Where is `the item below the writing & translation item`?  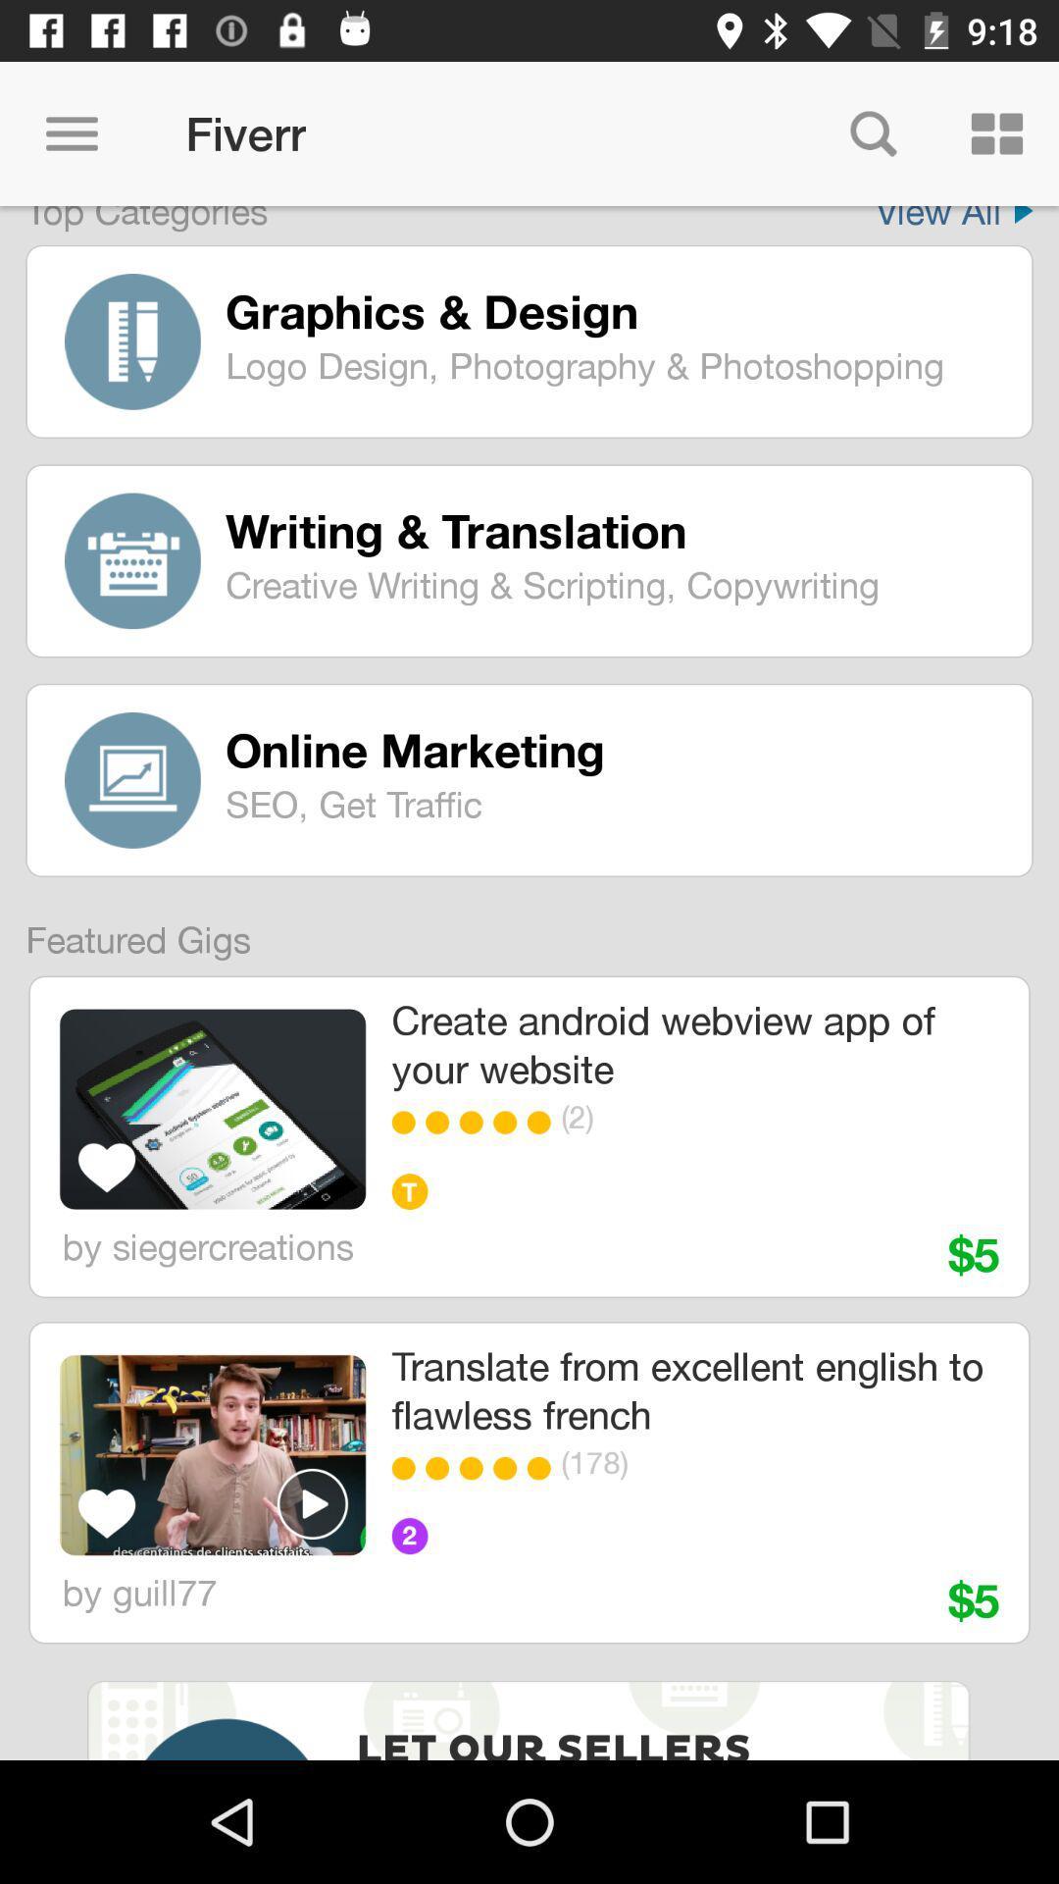
the item below the writing & translation item is located at coordinates (614, 583).